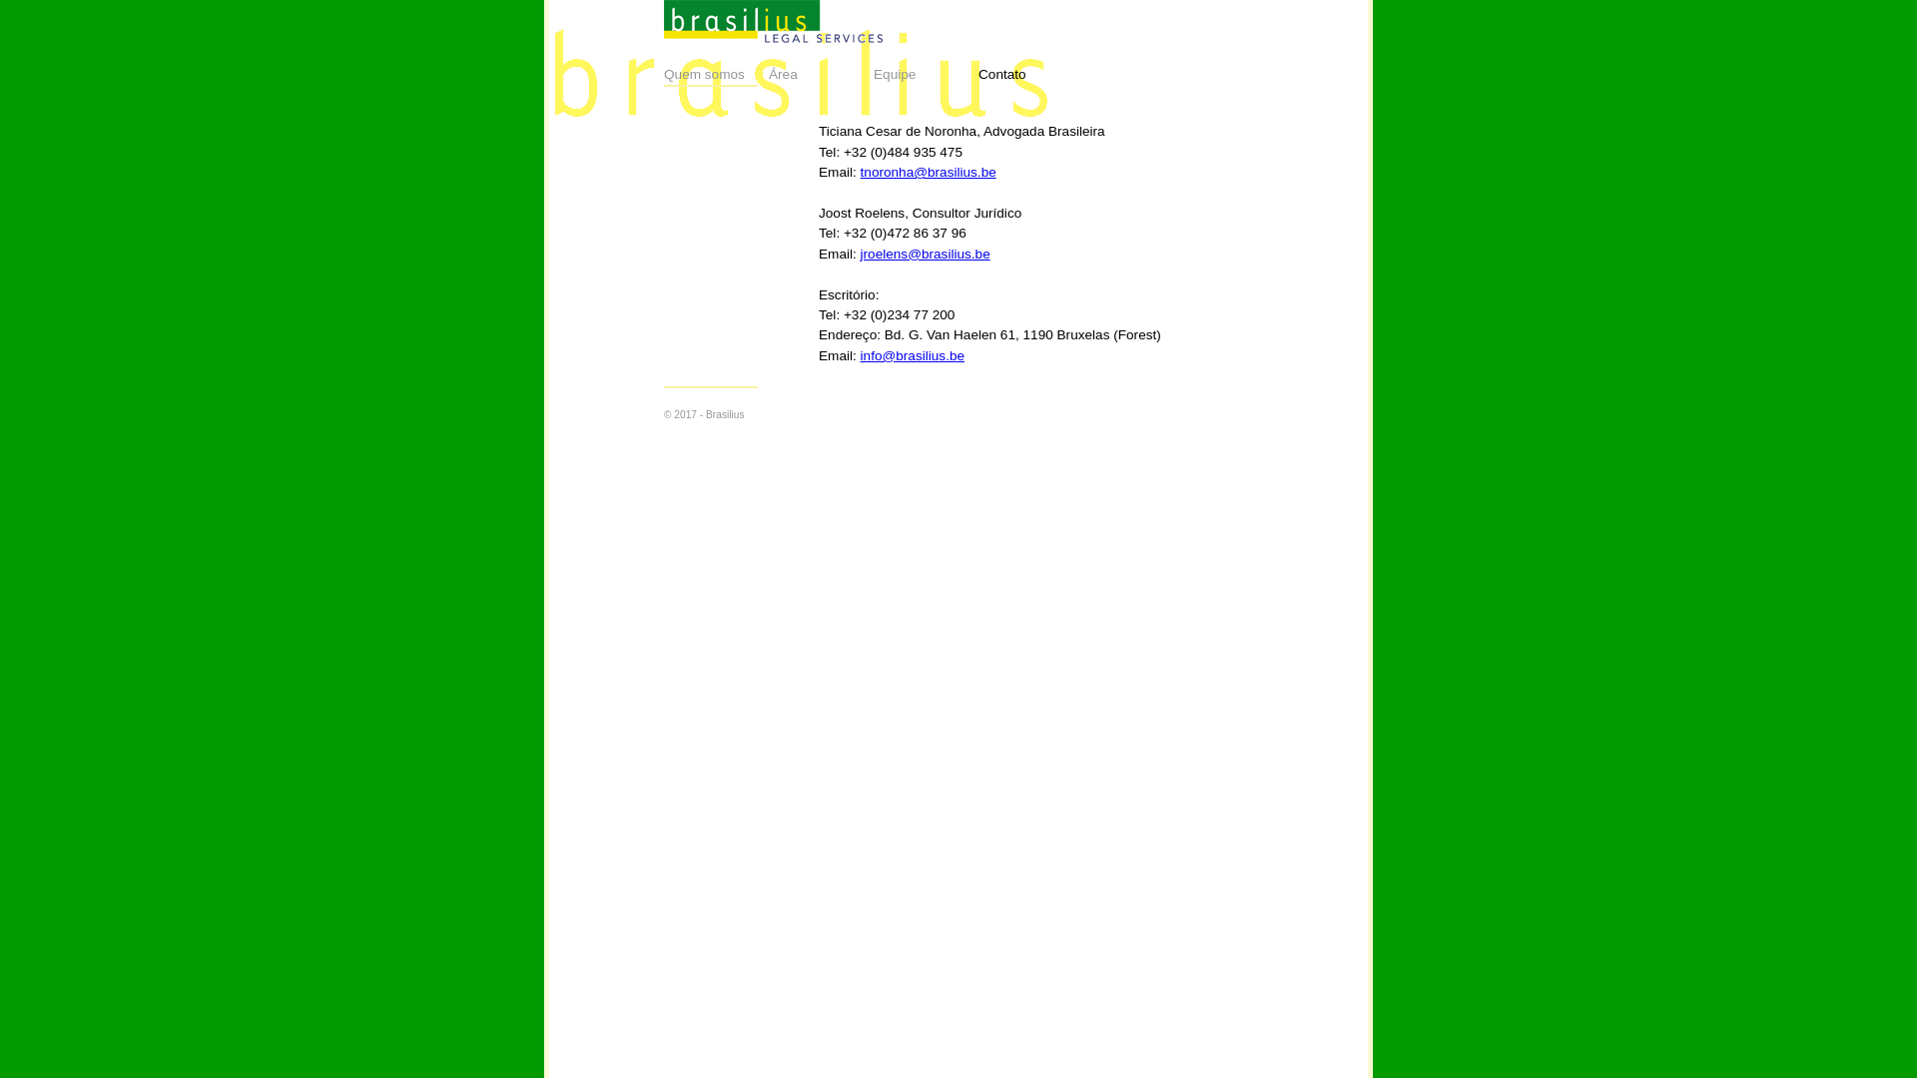  Describe the element at coordinates (861, 354) in the screenshot. I see `'info@brasilius.be'` at that location.